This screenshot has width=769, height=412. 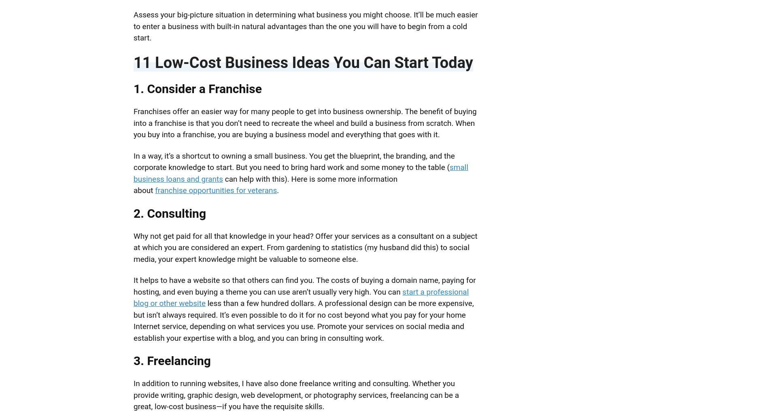 I want to click on 'can help with this). Here is some more information about', so click(x=266, y=184).